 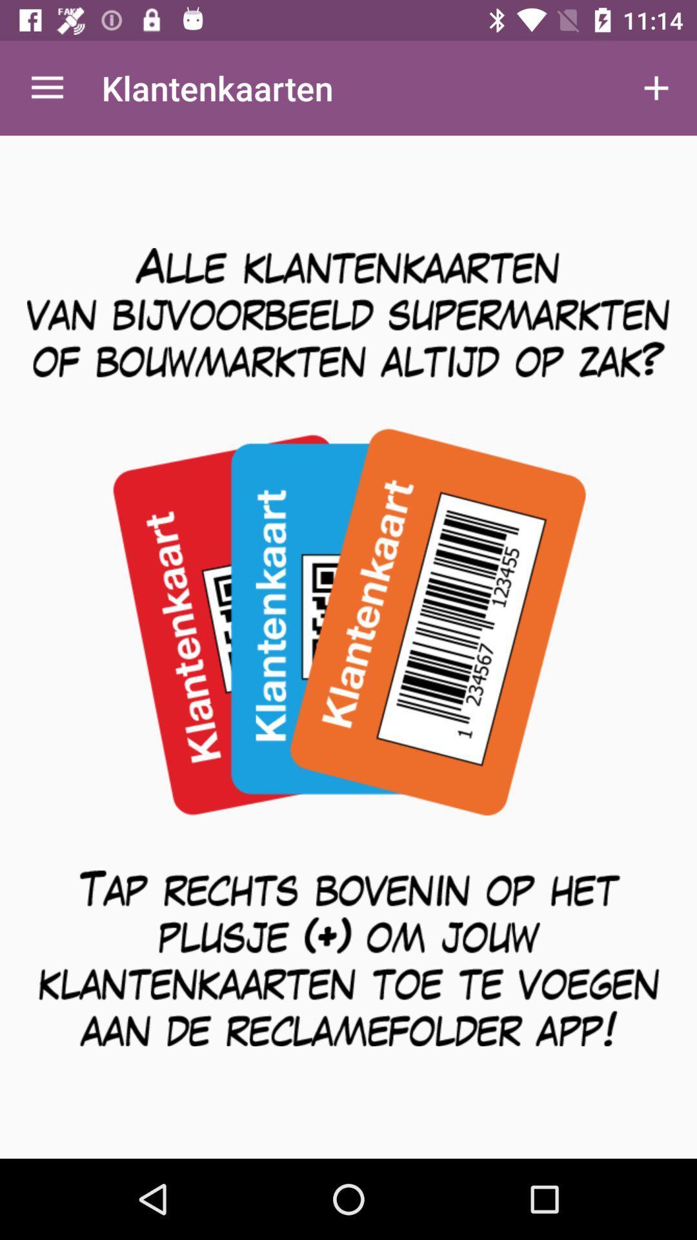 What do you see at coordinates (46, 87) in the screenshot?
I see `the app next to klantenkaarten icon` at bounding box center [46, 87].